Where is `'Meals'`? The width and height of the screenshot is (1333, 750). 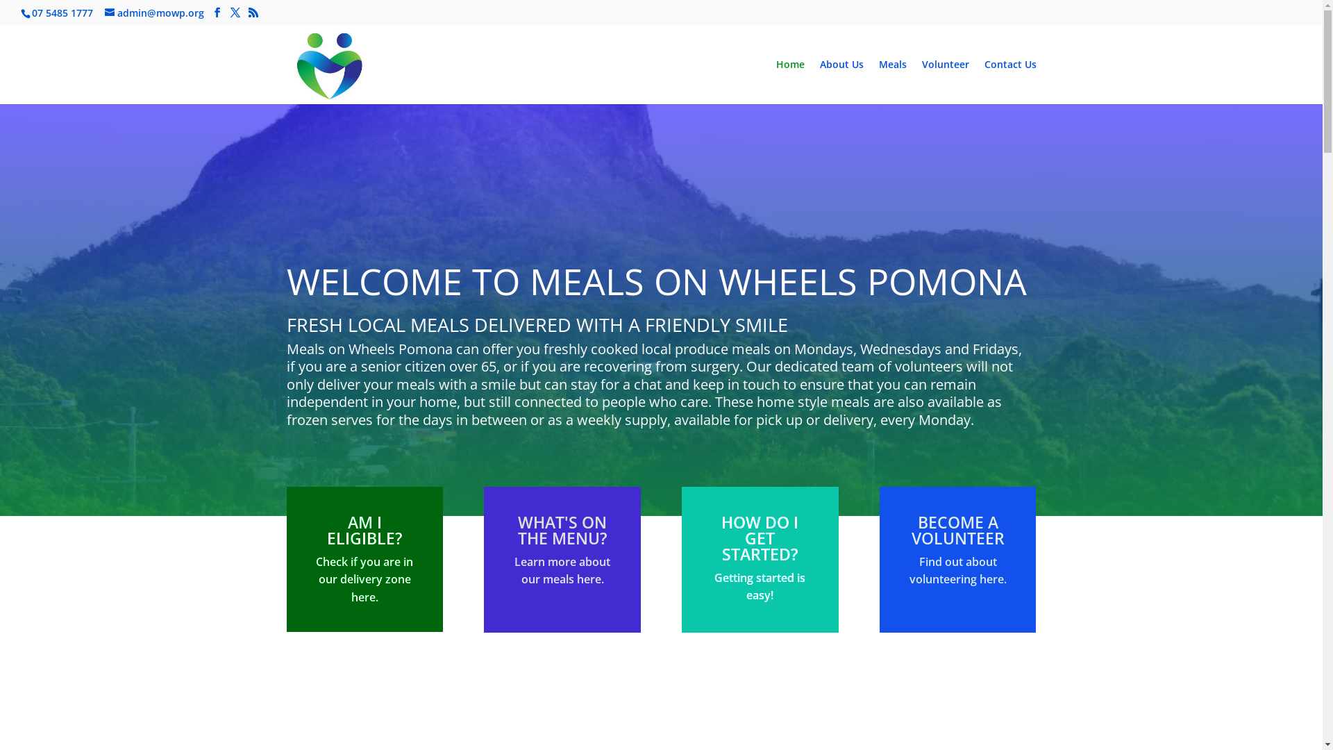 'Meals' is located at coordinates (893, 82).